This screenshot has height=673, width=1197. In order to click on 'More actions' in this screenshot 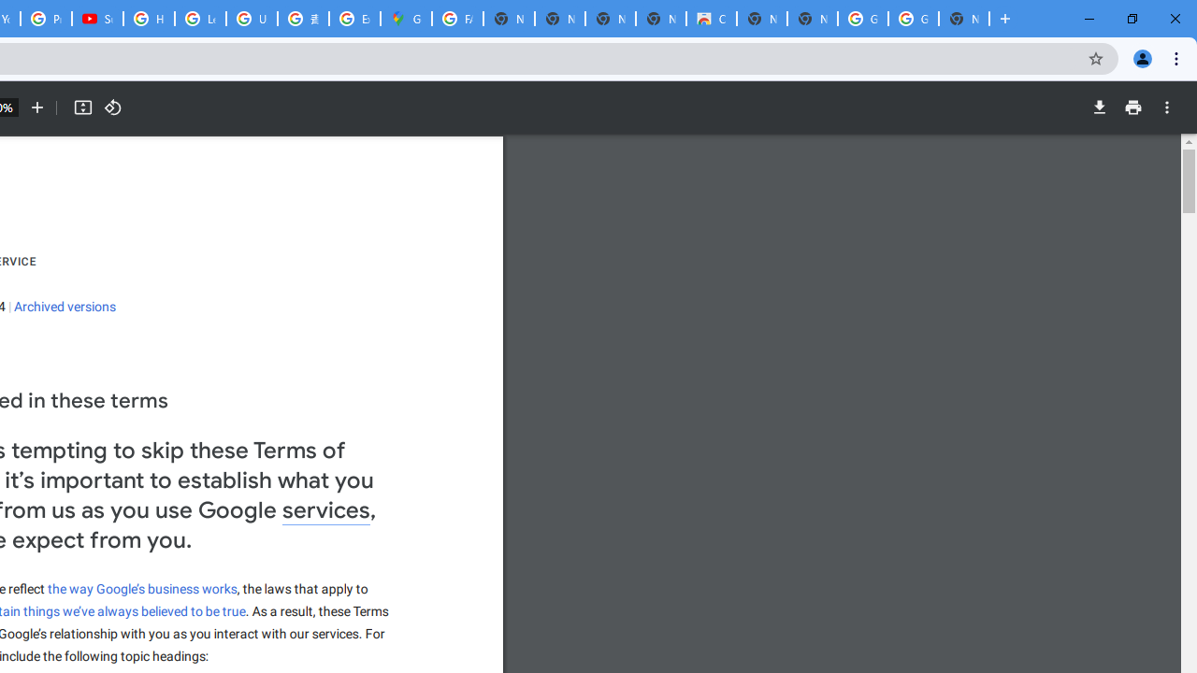, I will do `click(1166, 107)`.